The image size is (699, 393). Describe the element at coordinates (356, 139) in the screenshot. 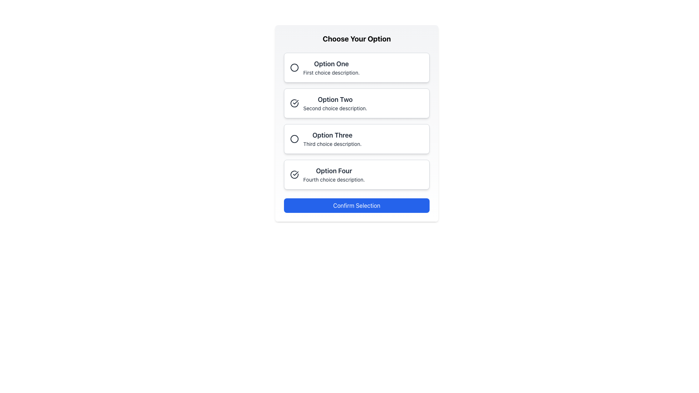

I see `the Selectable option card that represents 'Option Three' in the vertical list` at that location.